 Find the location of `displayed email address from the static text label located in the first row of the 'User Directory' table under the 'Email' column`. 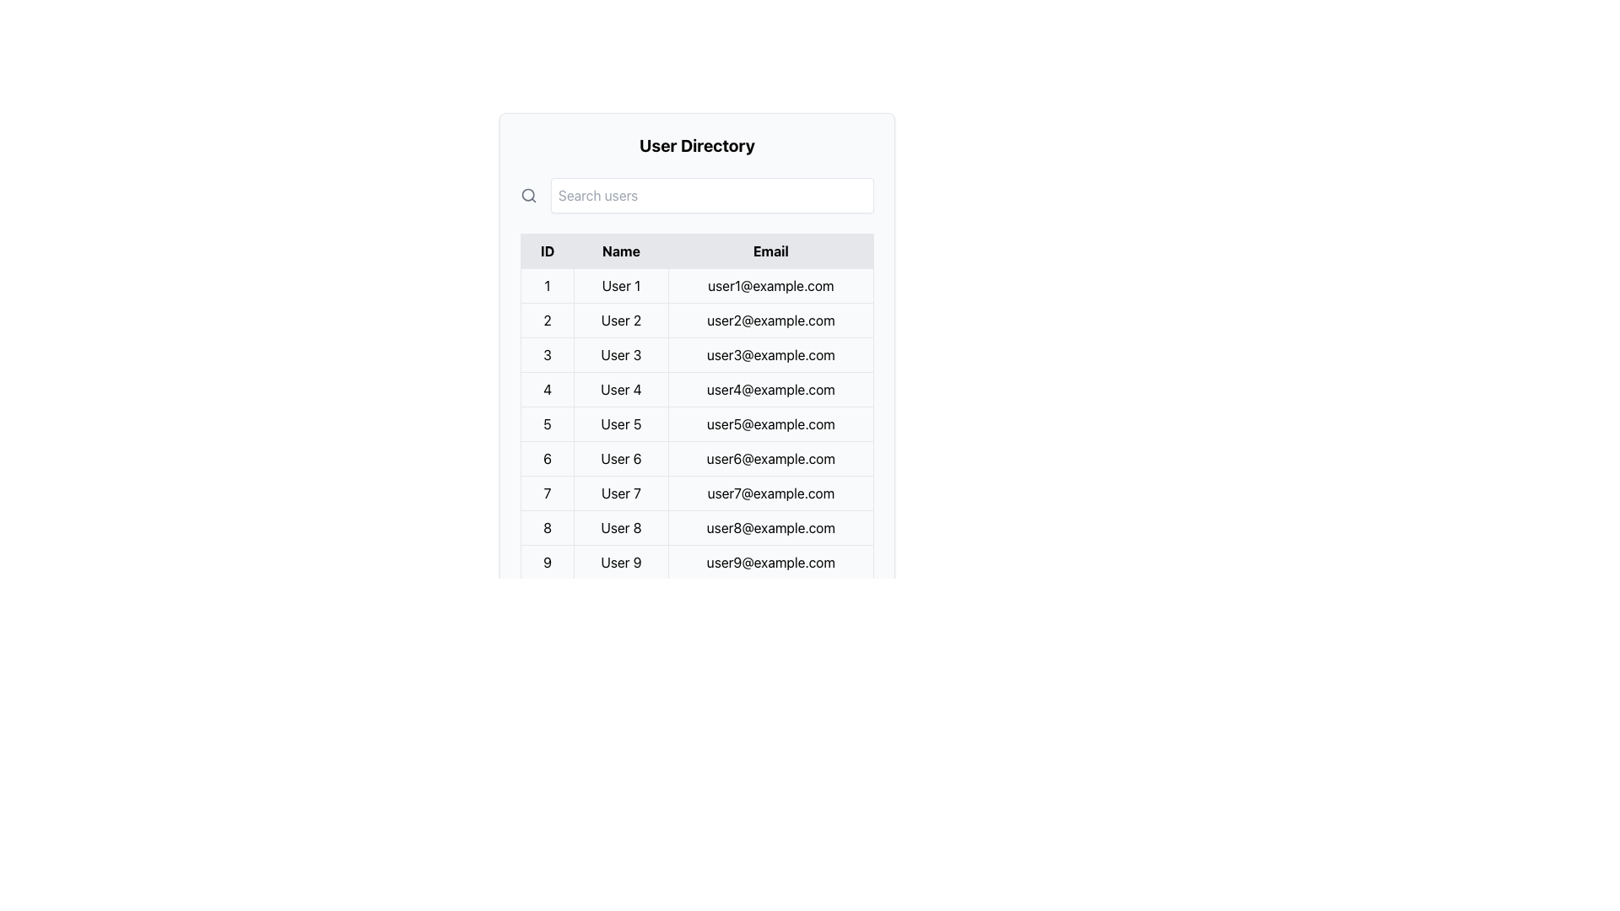

displayed email address from the static text label located in the first row of the 'User Directory' table under the 'Email' column is located at coordinates (769, 285).